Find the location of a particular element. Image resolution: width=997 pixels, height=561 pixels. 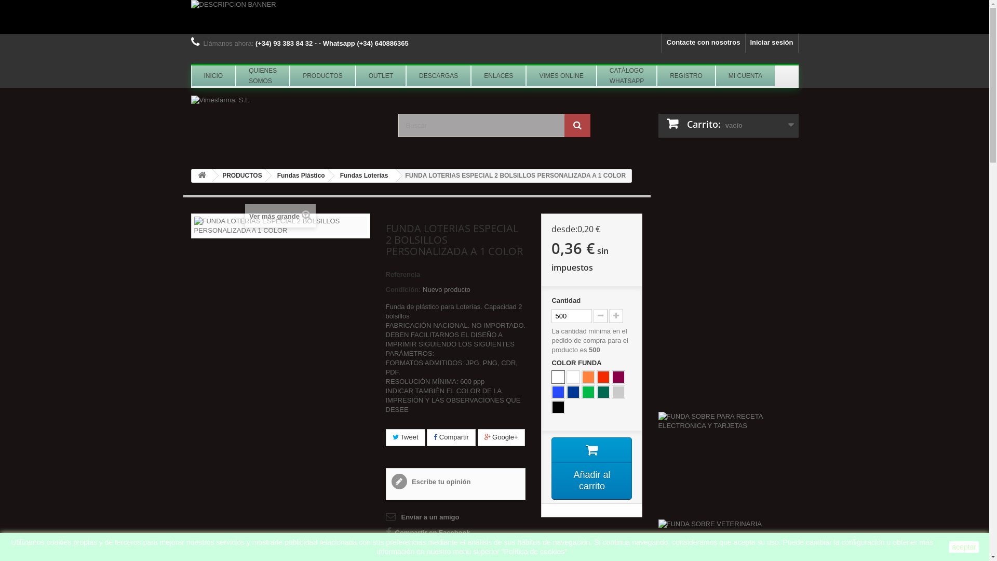

'GRIS PLATA' is located at coordinates (618, 392).